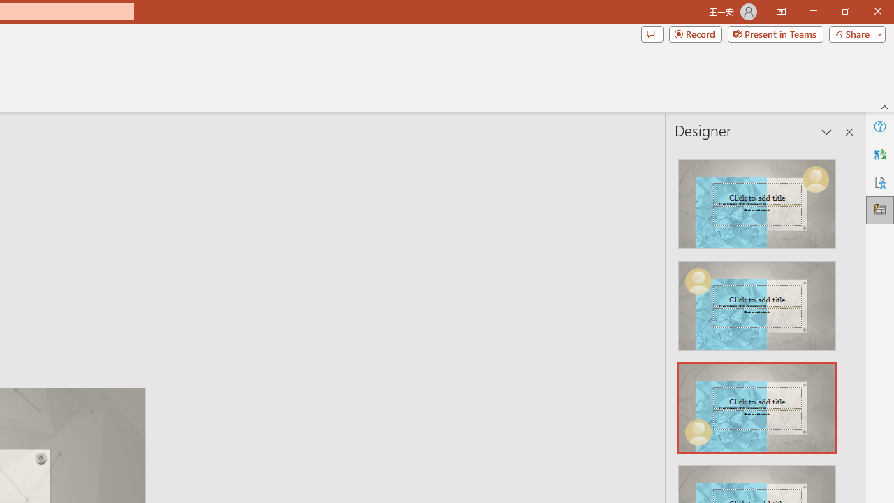 The image size is (894, 503). Describe the element at coordinates (879, 154) in the screenshot. I see `'Translator'` at that location.